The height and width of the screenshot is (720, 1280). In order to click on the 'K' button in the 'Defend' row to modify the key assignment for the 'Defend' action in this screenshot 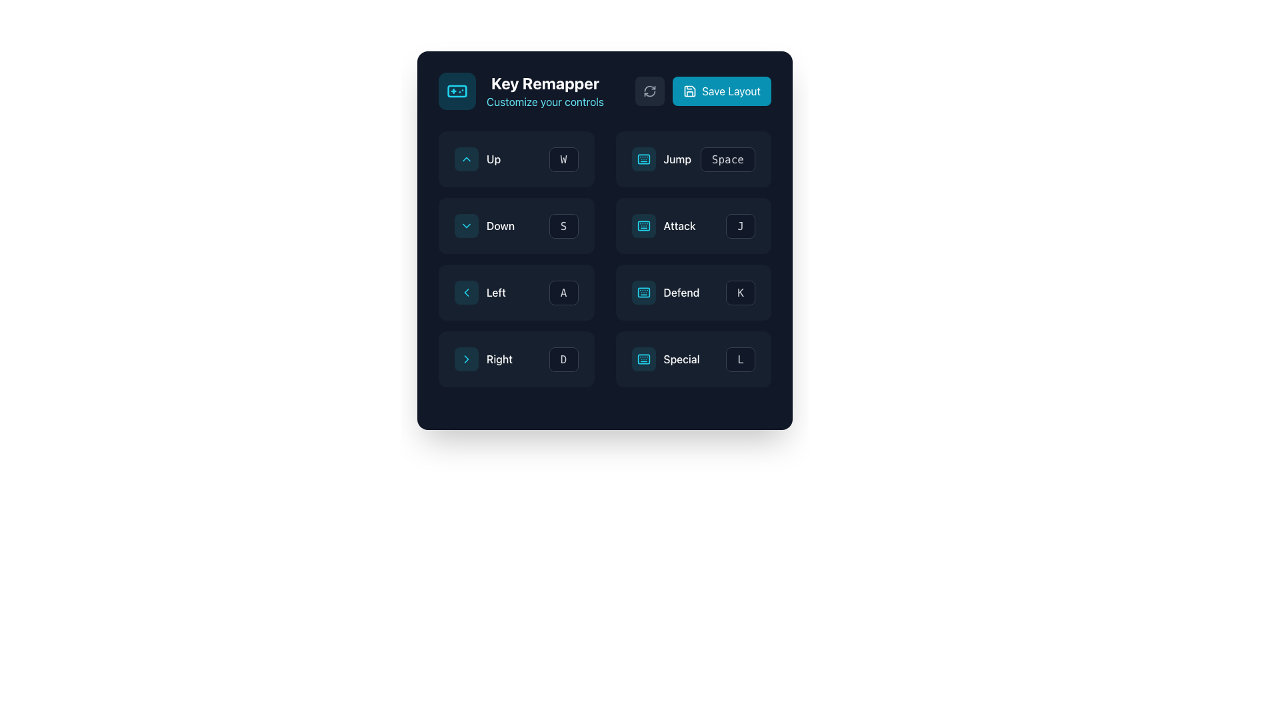, I will do `click(740, 292)`.